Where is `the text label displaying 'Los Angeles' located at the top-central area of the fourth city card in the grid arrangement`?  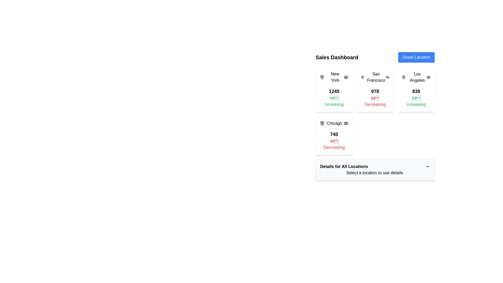 the text label displaying 'Los Angeles' located at the top-central area of the fourth city card in the grid arrangement is located at coordinates (417, 77).